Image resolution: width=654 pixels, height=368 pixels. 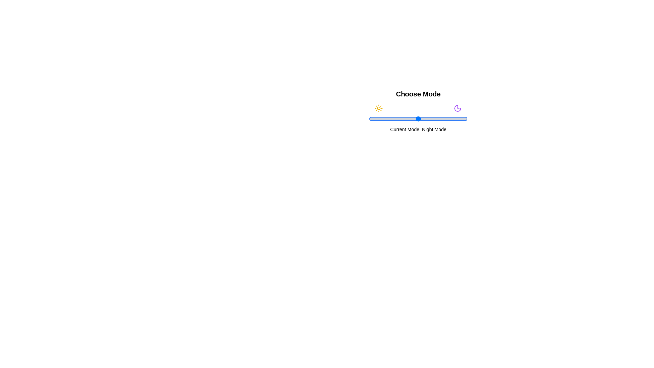 What do you see at coordinates (388, 118) in the screenshot?
I see `the slider to 19% to set the mode` at bounding box center [388, 118].